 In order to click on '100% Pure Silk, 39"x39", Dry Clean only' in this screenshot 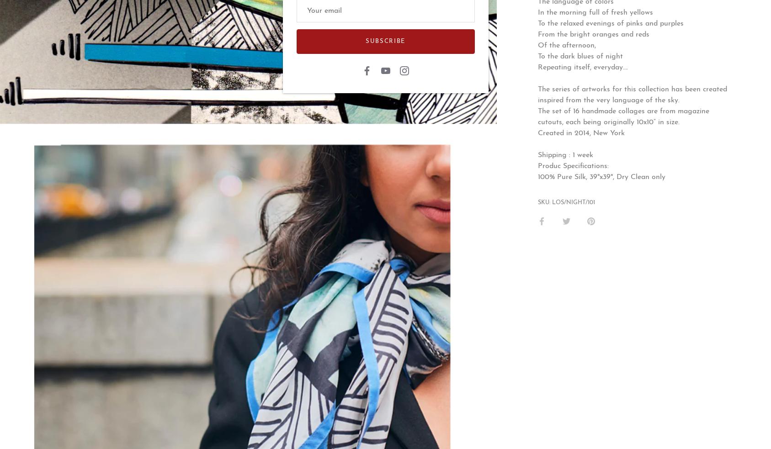, I will do `click(601, 176)`.